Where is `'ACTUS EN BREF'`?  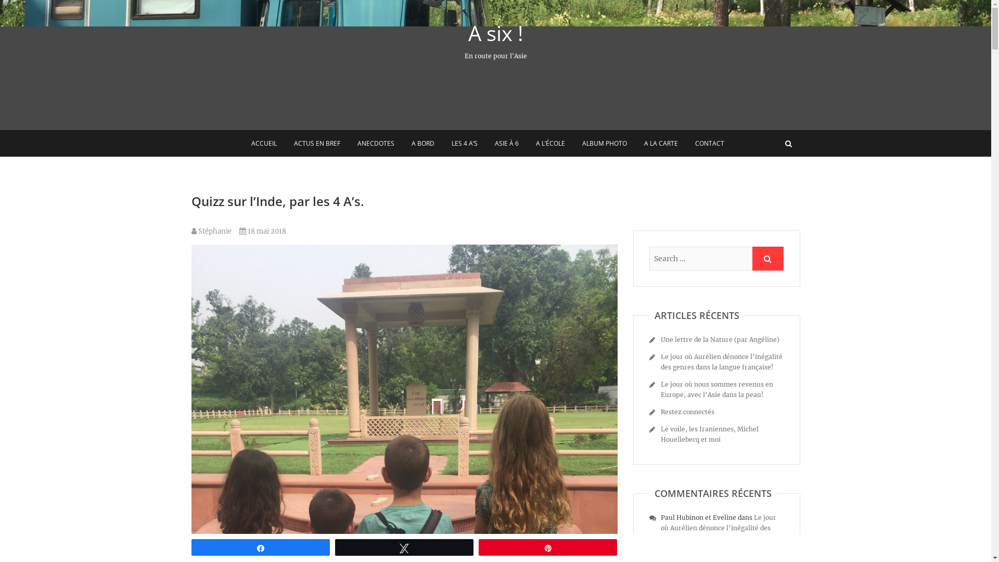
'ACTUS EN BREF' is located at coordinates (316, 143).